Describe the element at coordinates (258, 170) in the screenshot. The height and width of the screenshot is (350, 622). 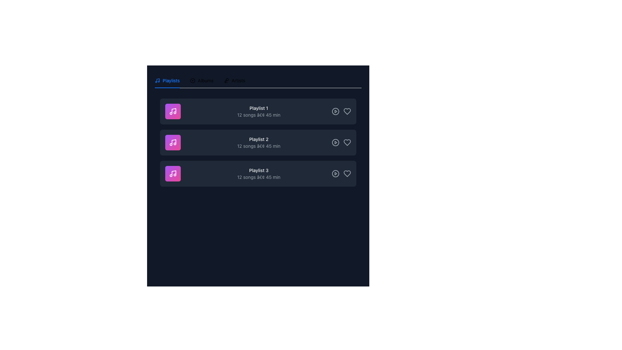
I see `the text label that serves as the title of the playlist, located in the third row of the playlist list, aligned to the left and below 'Playlist 1' and 'Playlist 2'` at that location.